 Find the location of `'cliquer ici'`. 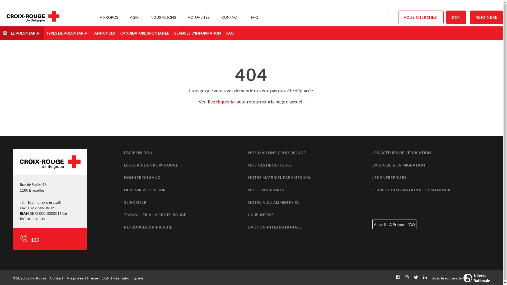

'cliquer ici' is located at coordinates (215, 102).